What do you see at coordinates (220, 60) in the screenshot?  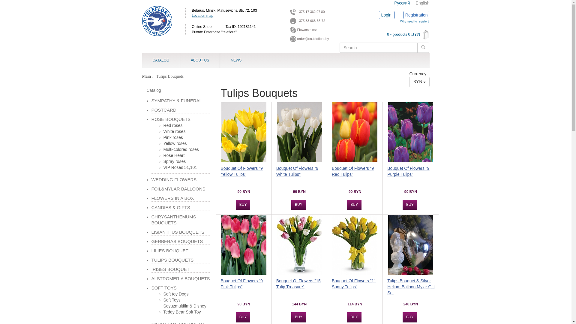 I see `'NEWS'` at bounding box center [220, 60].